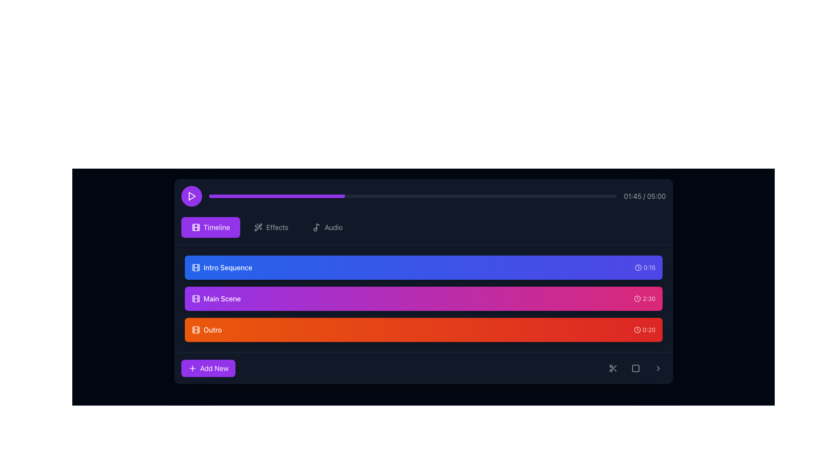  Describe the element at coordinates (277, 227) in the screenshot. I see `the 'Effects' menu option located in the upper middle part of the interface, adjacent to the magic wand icon and the 'Audio' label` at that location.